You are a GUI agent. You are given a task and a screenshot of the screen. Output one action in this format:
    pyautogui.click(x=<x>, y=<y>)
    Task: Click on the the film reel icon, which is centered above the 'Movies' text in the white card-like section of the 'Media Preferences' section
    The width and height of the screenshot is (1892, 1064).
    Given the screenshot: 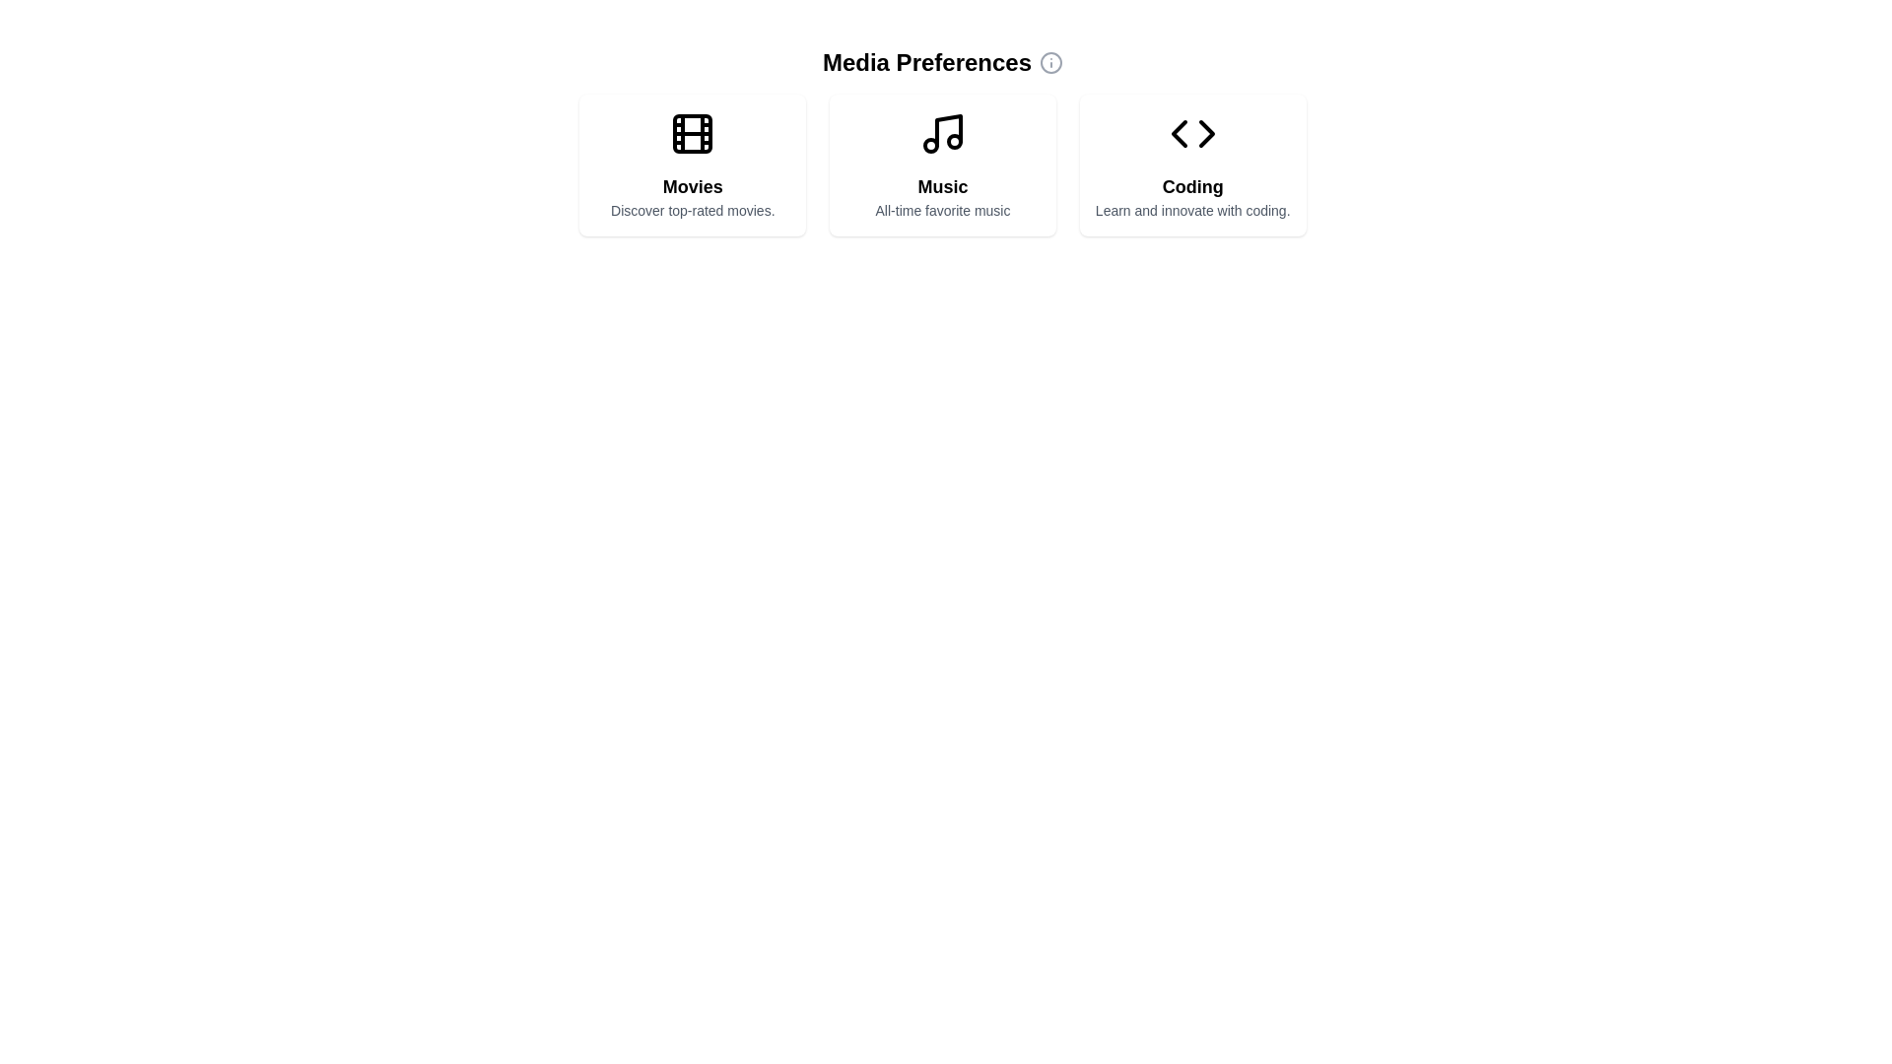 What is the action you would take?
    pyautogui.click(x=693, y=133)
    